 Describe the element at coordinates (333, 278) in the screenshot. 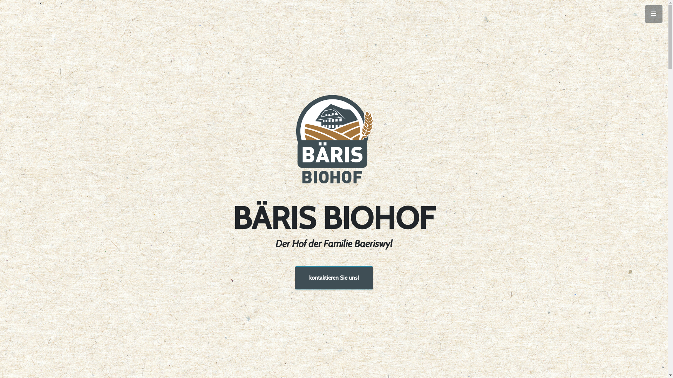

I see `'kontaktieren Sie uns!'` at that location.